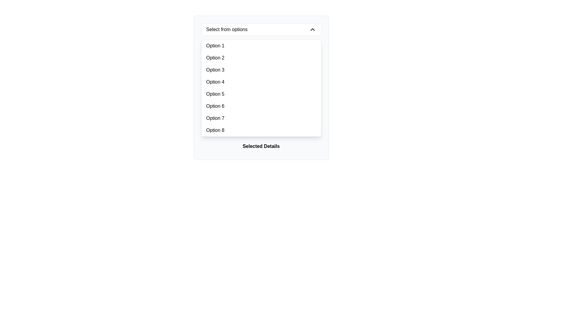 The height and width of the screenshot is (326, 580). Describe the element at coordinates (261, 118) in the screenshot. I see `the seventh item in the dropdown menu, located between 'Option 6' and 'Option 8'` at that location.